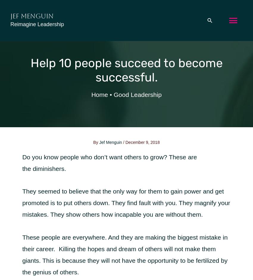  I want to click on 'Help 10 people succeed to become successful.', so click(30, 70).